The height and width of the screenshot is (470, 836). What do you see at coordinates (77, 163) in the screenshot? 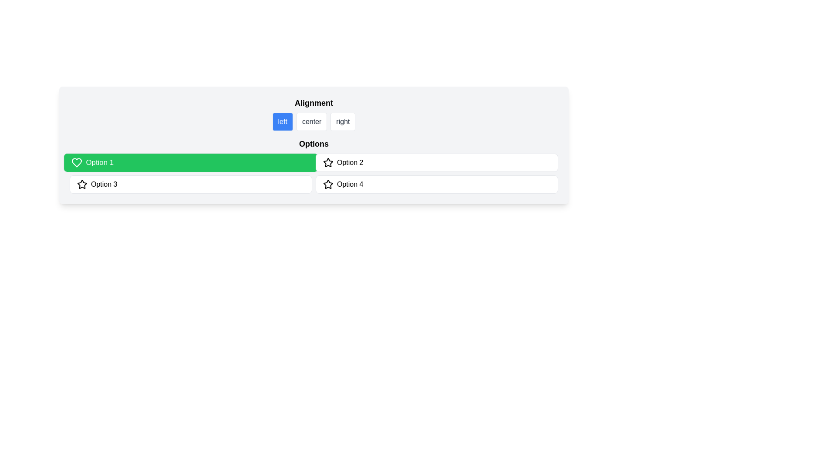
I see `the heart icon located to the left of the text 'Option 1' within the button labeled 'Option 1' to interact with it` at bounding box center [77, 163].